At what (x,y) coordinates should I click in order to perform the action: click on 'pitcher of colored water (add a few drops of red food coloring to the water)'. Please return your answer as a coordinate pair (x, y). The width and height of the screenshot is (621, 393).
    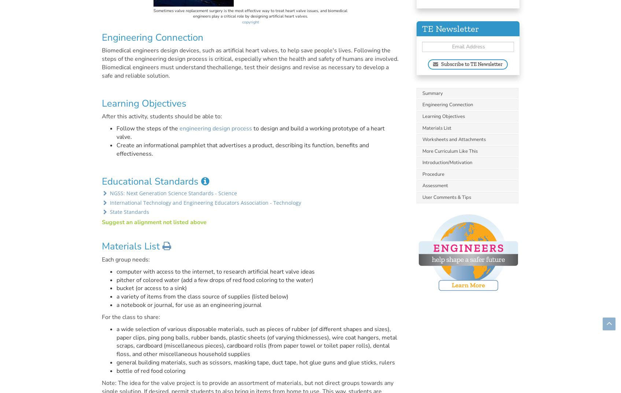
    Looking at the image, I should click on (214, 279).